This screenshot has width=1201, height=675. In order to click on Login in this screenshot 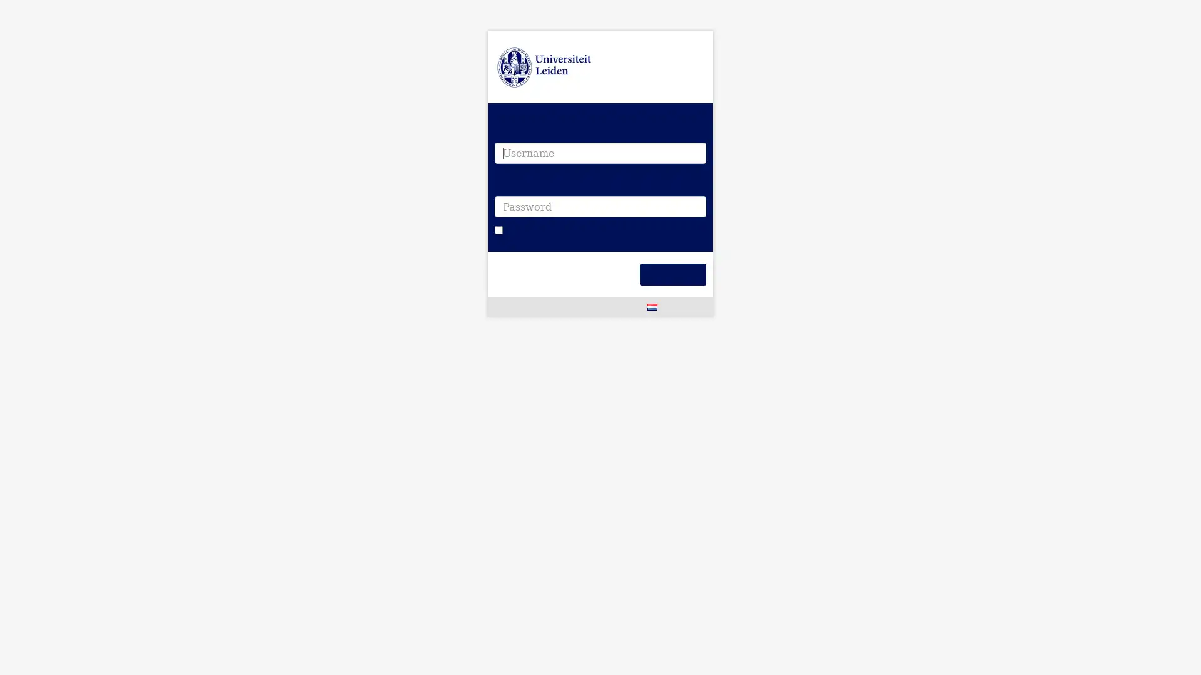, I will do `click(672, 274)`.